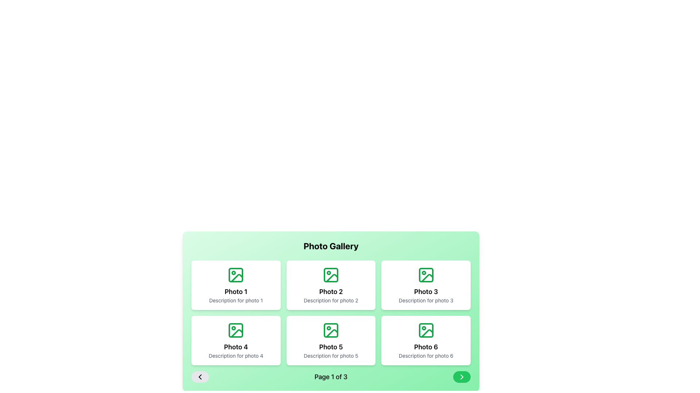  What do you see at coordinates (330, 341) in the screenshot?
I see `the fifth card in the grid layout` at bounding box center [330, 341].